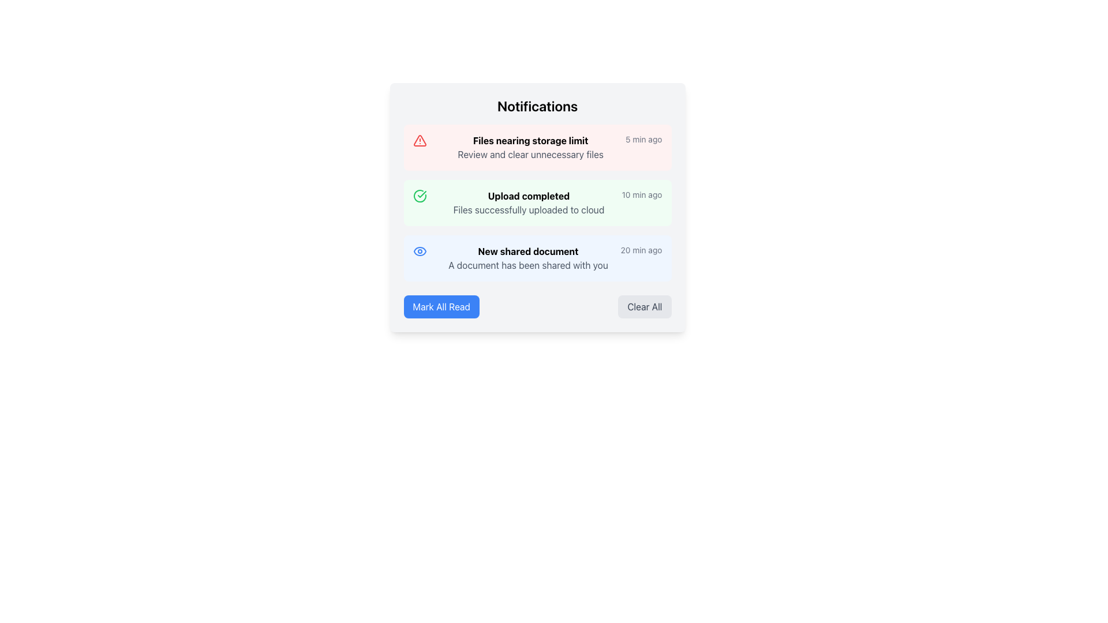  What do you see at coordinates (641, 194) in the screenshot?
I see `the text label displaying '10 min ago' located in the top-right corner of the notification card` at bounding box center [641, 194].